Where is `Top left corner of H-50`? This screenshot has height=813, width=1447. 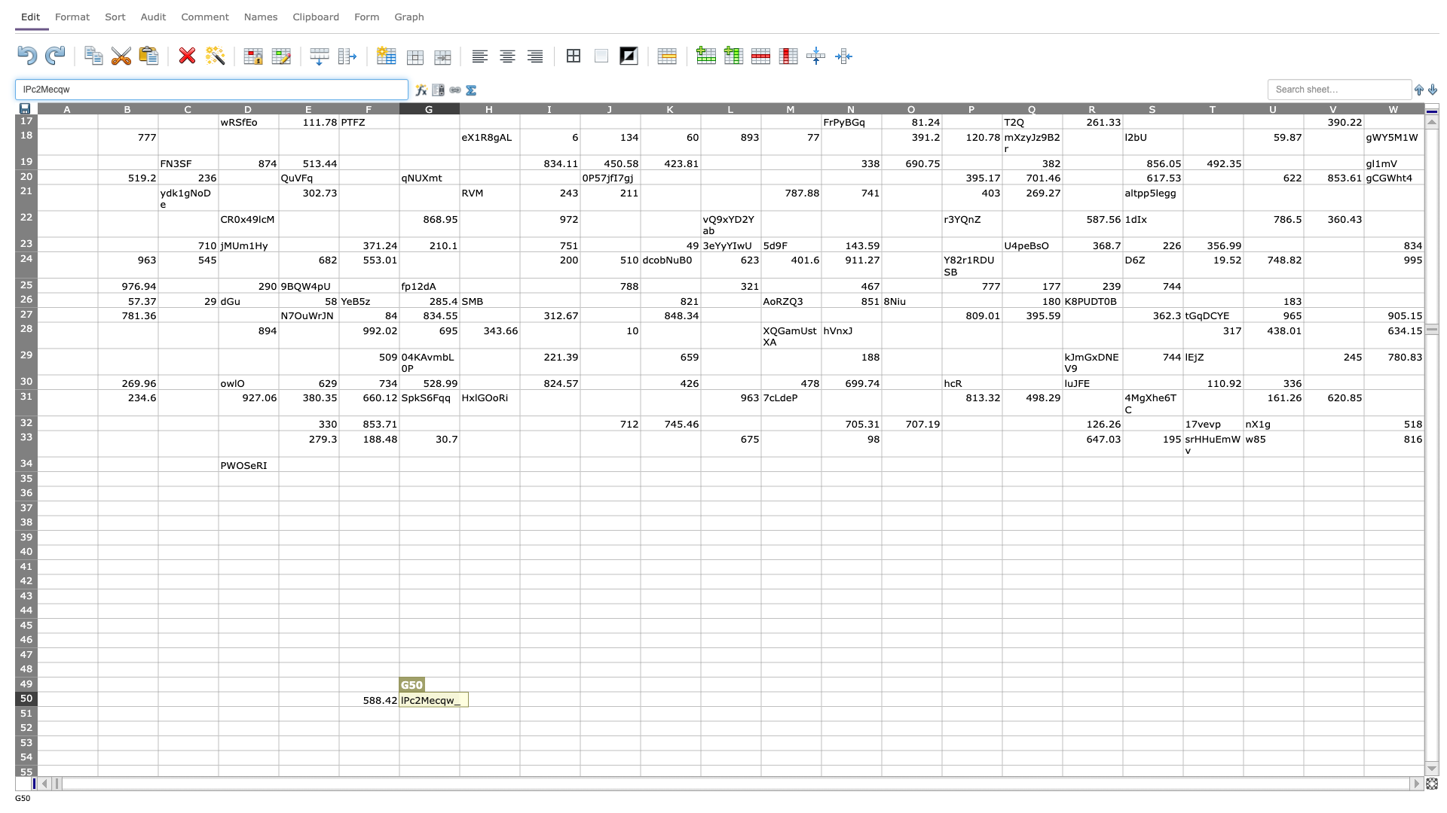 Top left corner of H-50 is located at coordinates (458, 691).